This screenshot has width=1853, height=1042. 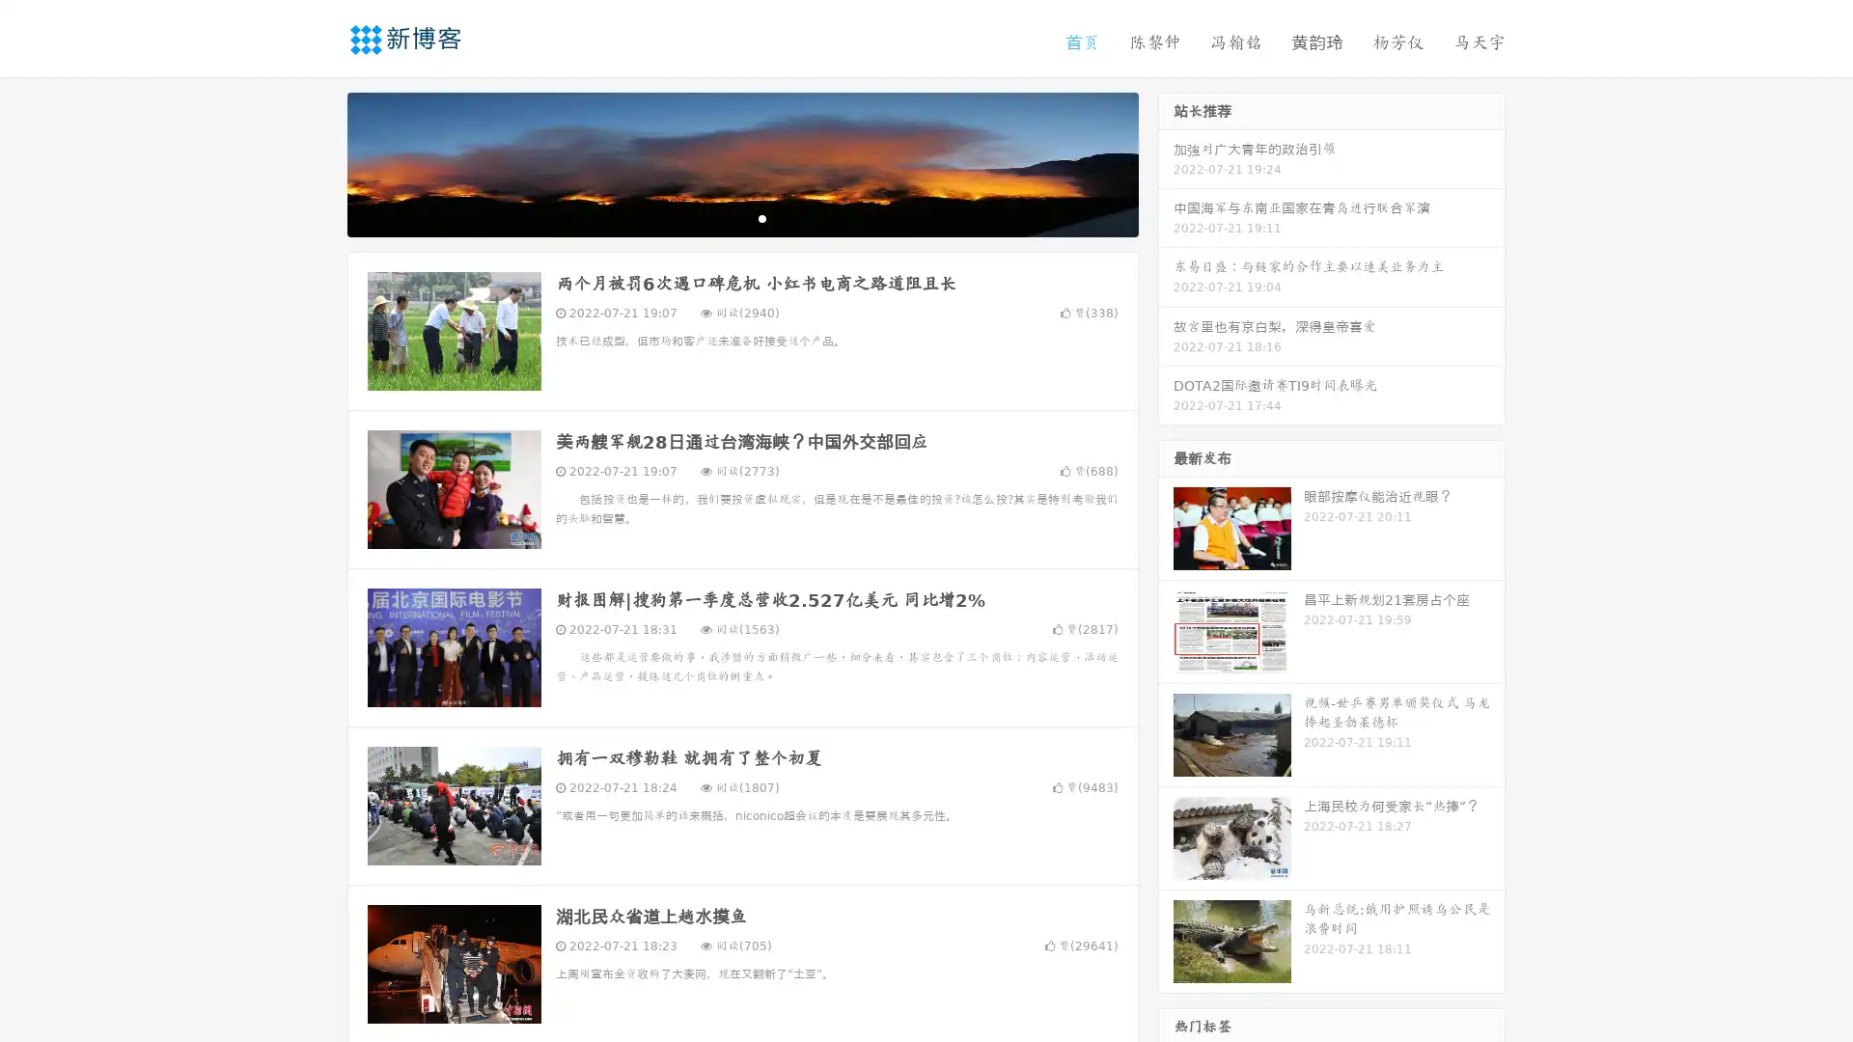 I want to click on Next slide, so click(x=1166, y=162).